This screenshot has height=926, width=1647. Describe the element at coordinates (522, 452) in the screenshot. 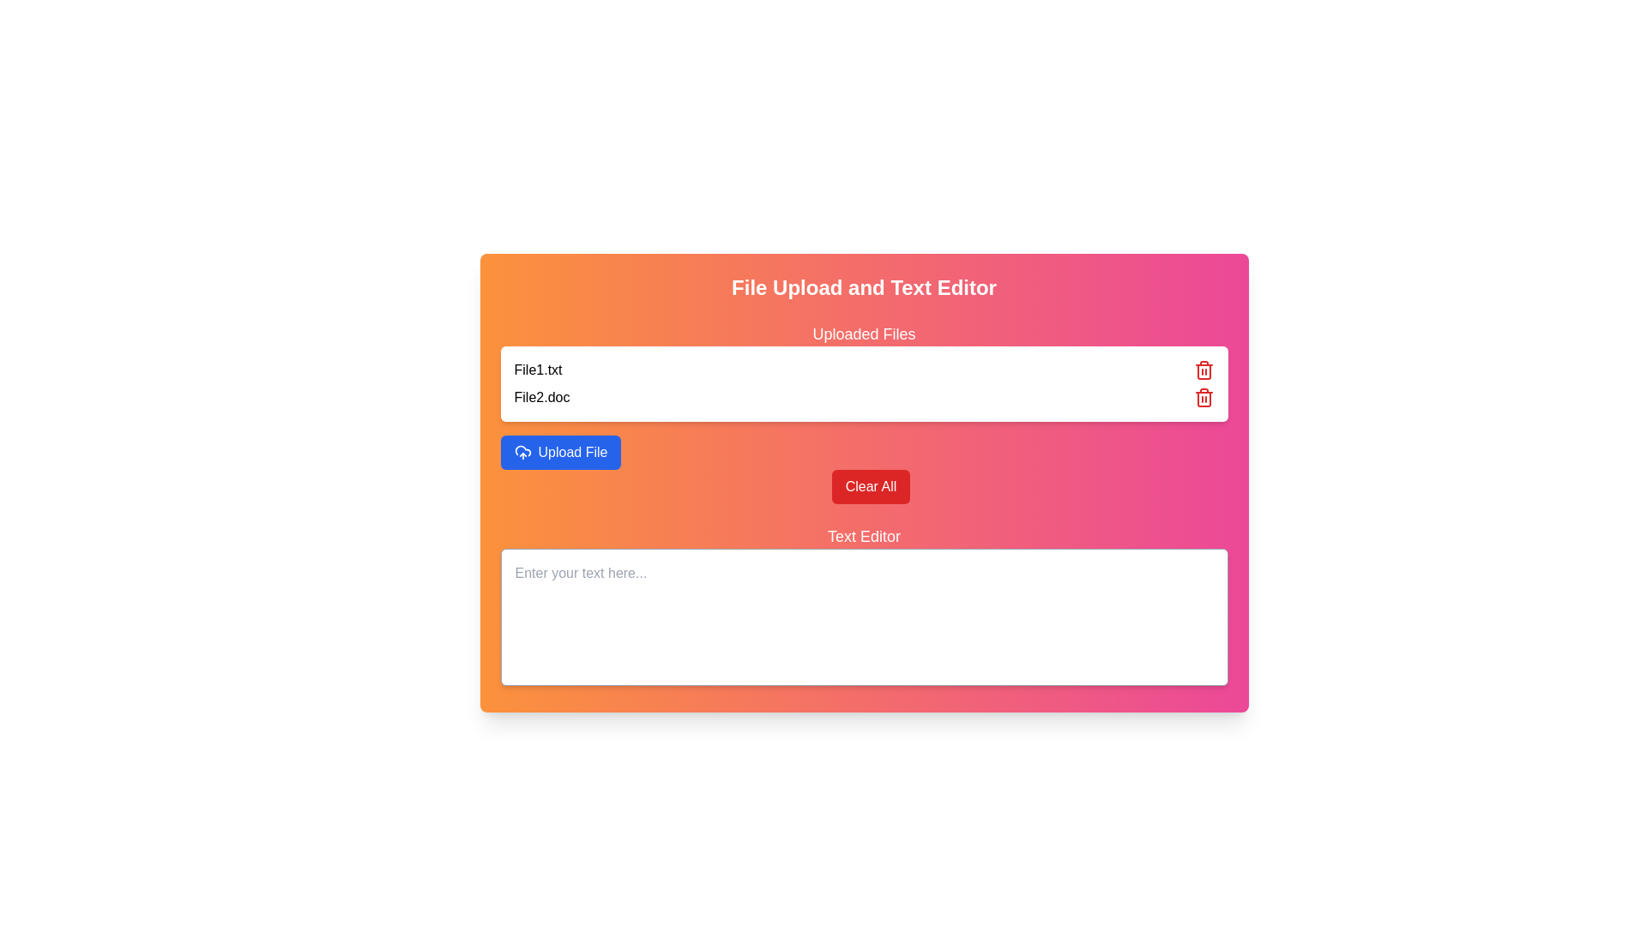

I see `the upload file icon located to the left of the 'Upload File' button, enhancing its meaning` at that location.